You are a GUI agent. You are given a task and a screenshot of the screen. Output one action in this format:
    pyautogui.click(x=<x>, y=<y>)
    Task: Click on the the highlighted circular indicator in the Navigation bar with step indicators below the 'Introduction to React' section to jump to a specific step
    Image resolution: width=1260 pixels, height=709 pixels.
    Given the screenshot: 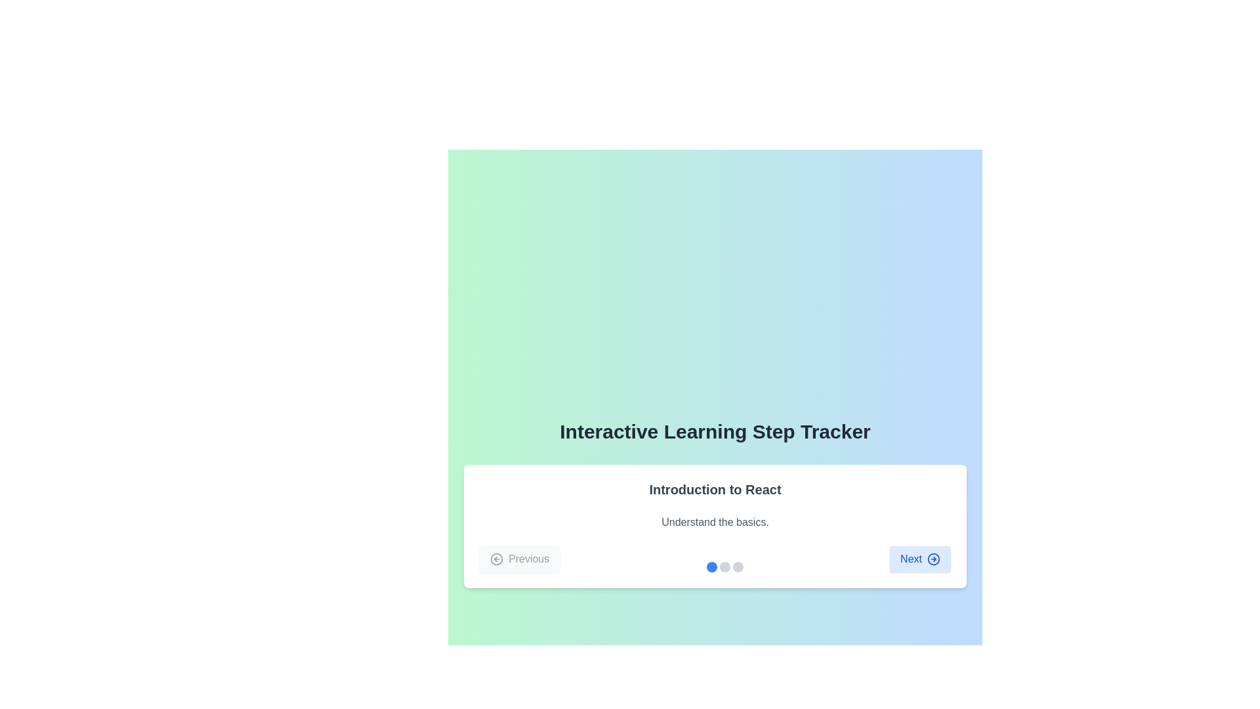 What is the action you would take?
    pyautogui.click(x=714, y=559)
    